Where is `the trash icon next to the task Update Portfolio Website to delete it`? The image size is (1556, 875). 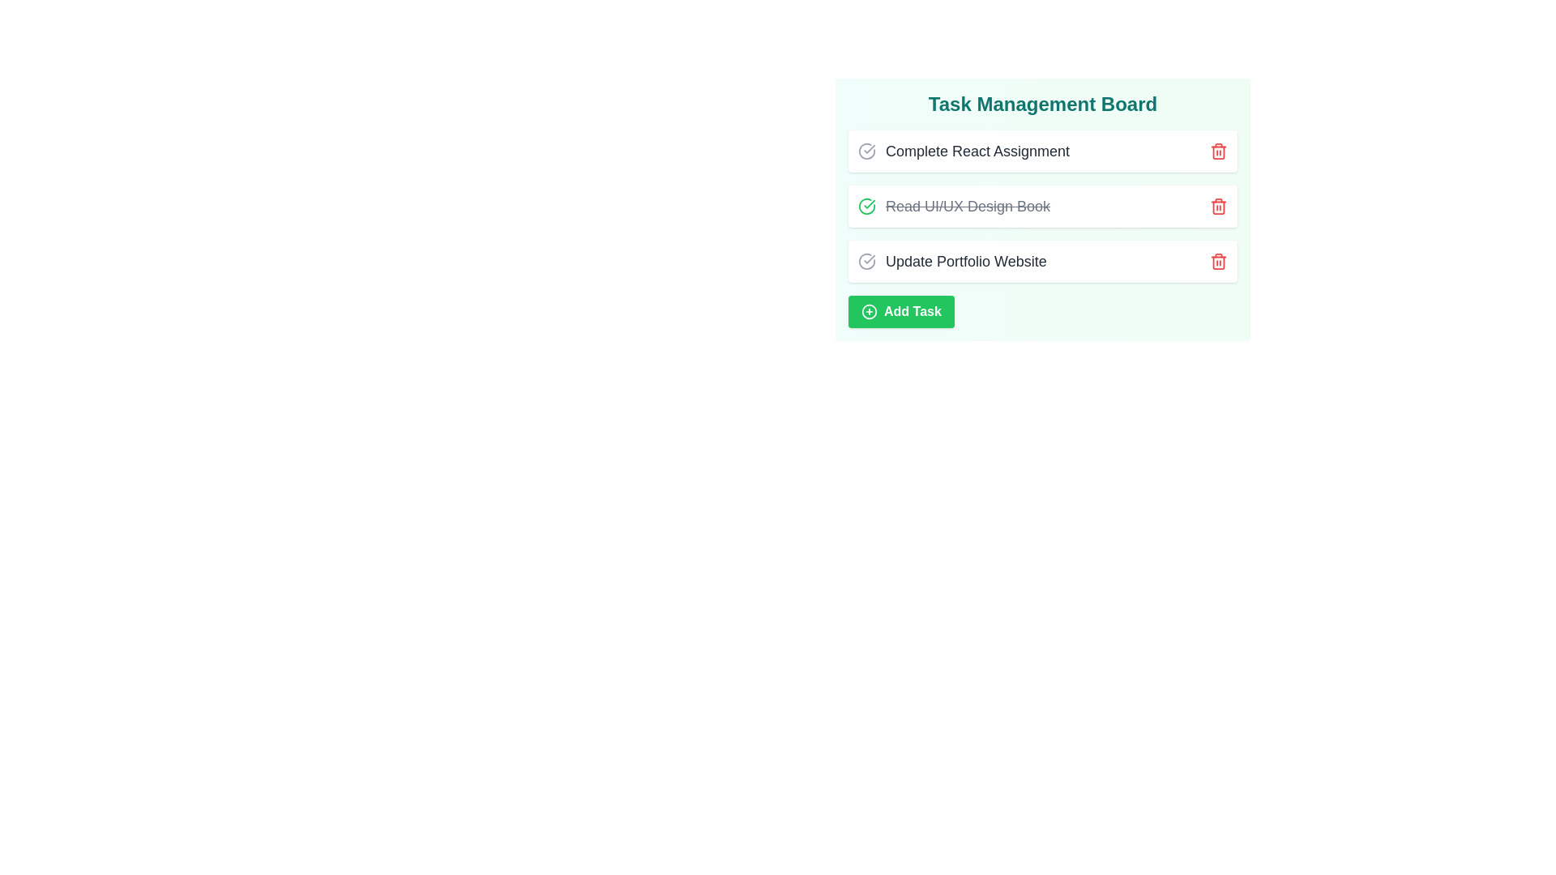 the trash icon next to the task Update Portfolio Website to delete it is located at coordinates (1218, 261).